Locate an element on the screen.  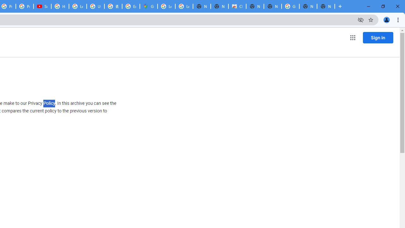
'Google Maps' is located at coordinates (148, 6).